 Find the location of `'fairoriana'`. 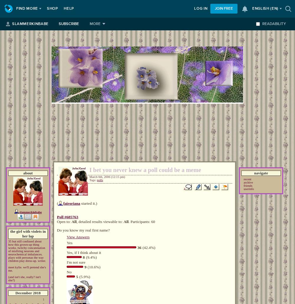

'fairoriana' is located at coordinates (63, 203).